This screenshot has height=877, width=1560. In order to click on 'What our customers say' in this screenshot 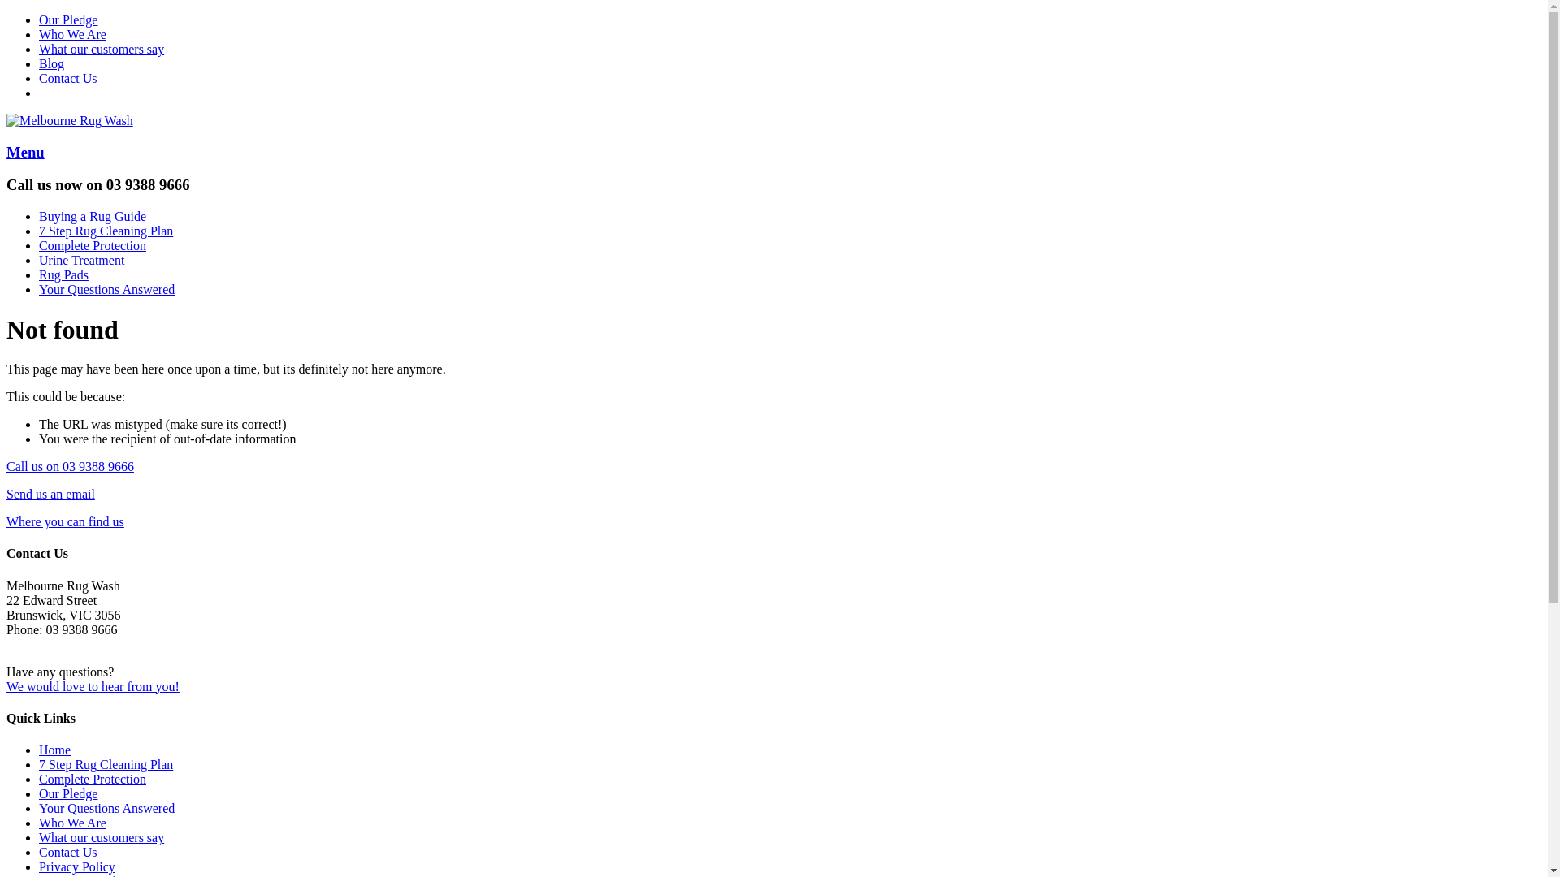, I will do `click(39, 837)`.